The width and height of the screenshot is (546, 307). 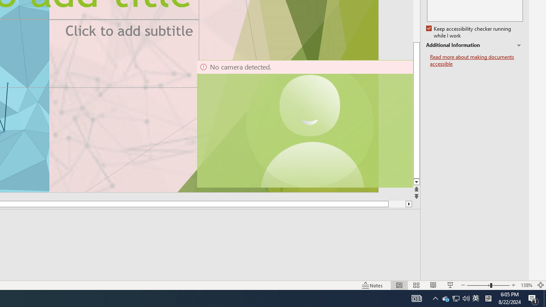 What do you see at coordinates (450, 285) in the screenshot?
I see `'Slide Show'` at bounding box center [450, 285].